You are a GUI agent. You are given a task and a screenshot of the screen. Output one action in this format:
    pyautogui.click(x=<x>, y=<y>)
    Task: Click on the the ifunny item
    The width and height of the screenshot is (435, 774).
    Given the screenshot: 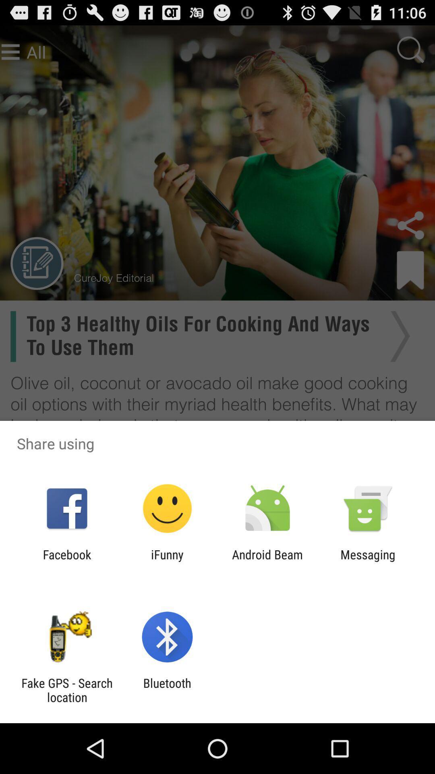 What is the action you would take?
    pyautogui.click(x=167, y=561)
    